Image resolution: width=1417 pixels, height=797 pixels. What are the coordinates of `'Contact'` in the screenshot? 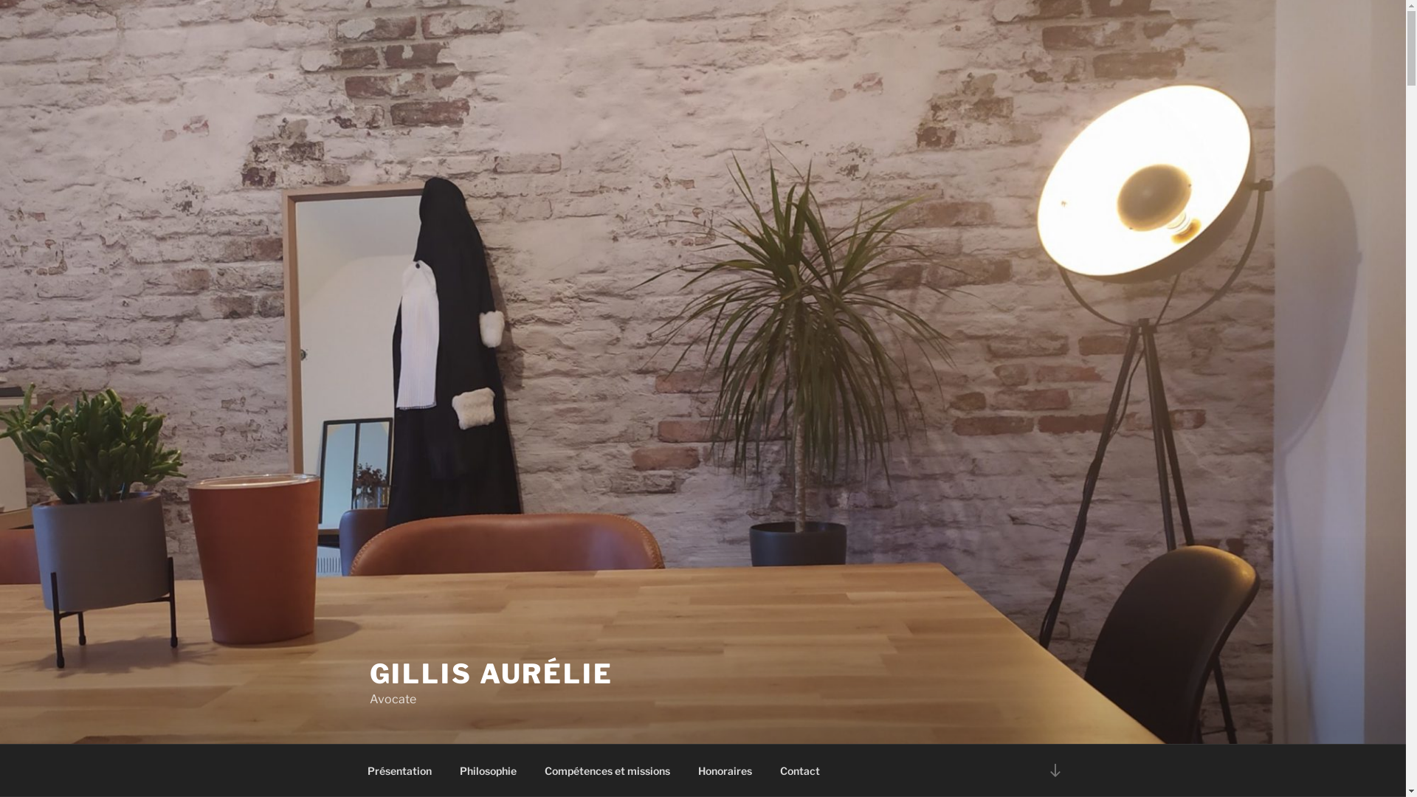 It's located at (768, 770).